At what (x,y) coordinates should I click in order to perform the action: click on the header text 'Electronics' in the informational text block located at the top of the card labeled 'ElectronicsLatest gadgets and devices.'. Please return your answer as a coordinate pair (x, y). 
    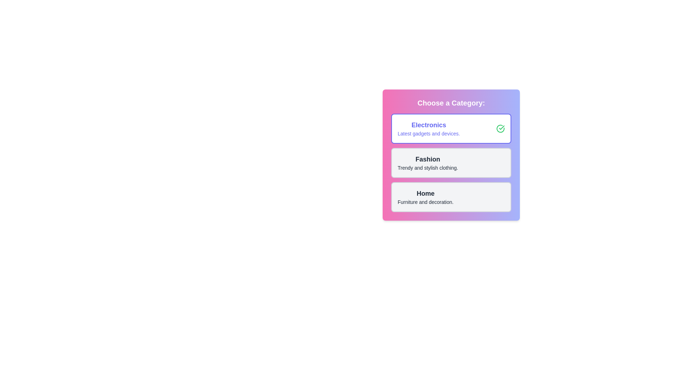
    Looking at the image, I should click on (429, 129).